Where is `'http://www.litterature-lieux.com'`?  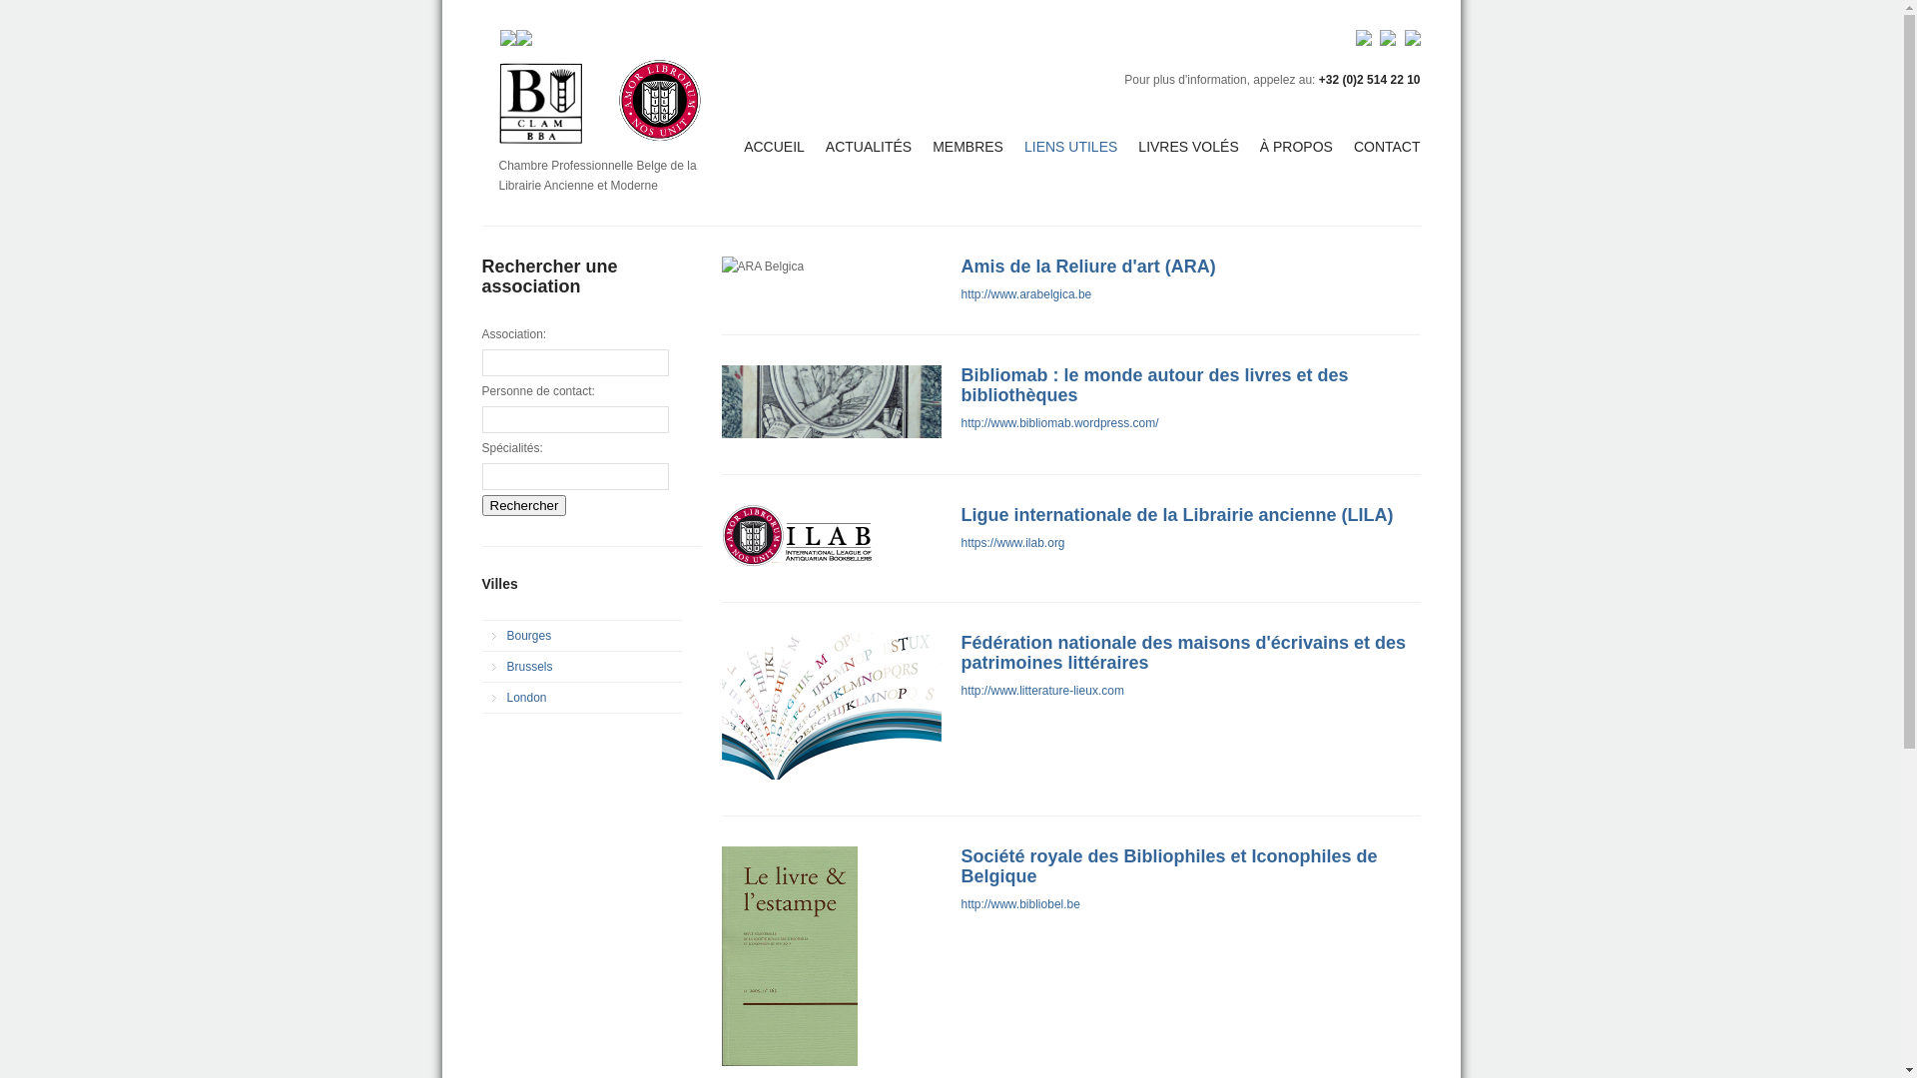
'http://www.litterature-lieux.com' is located at coordinates (1040, 689).